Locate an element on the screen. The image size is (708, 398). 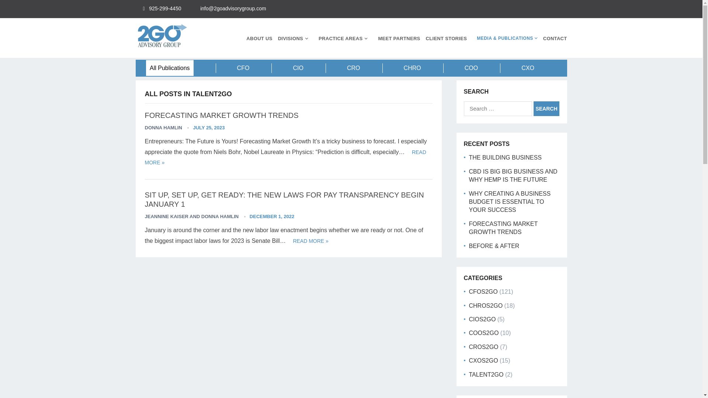
'info@2goadvisorygroup.com' is located at coordinates (233, 8).